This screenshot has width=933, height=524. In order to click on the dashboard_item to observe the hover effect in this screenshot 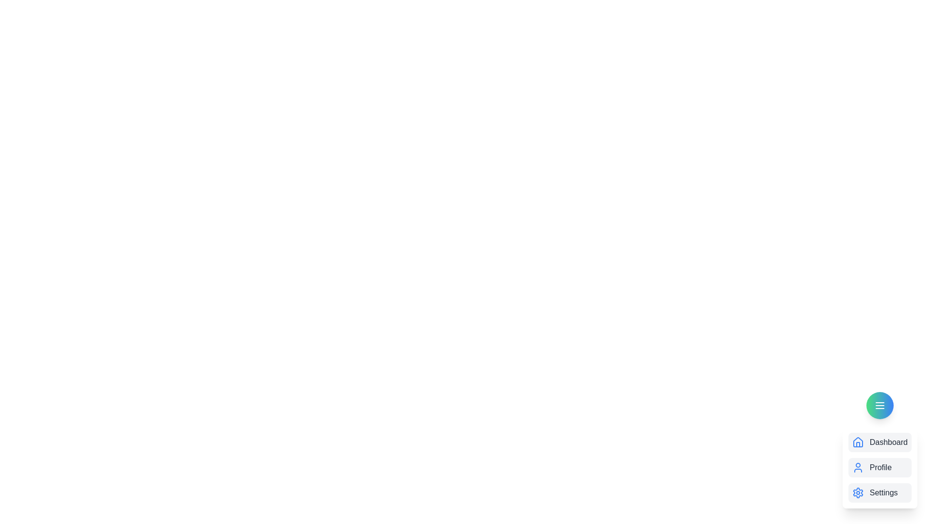, I will do `click(880, 442)`.